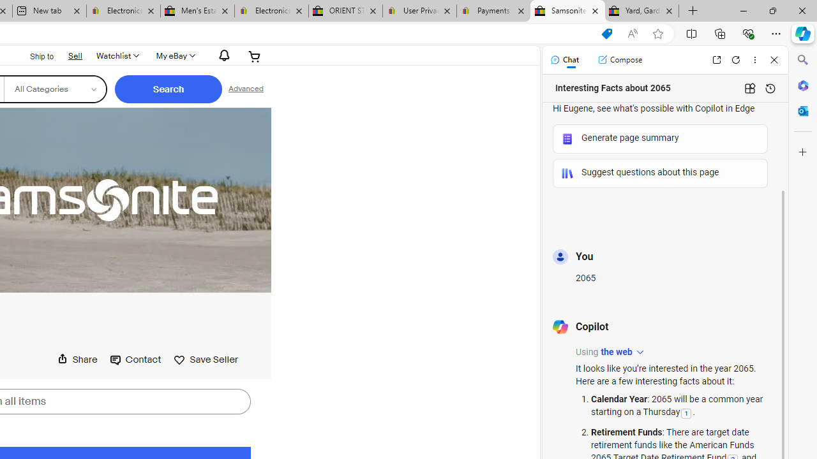 The image size is (817, 459). What do you see at coordinates (117, 55) in the screenshot?
I see `'Watchlist'` at bounding box center [117, 55].